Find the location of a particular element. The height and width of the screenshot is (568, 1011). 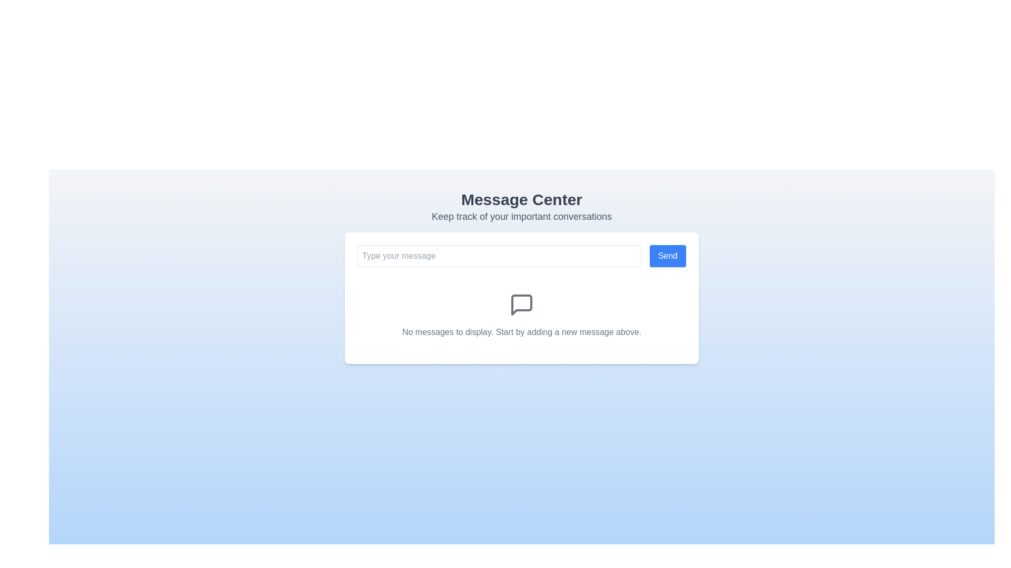

the informational text with an icon that states 'No messages is located at coordinates (521, 315).